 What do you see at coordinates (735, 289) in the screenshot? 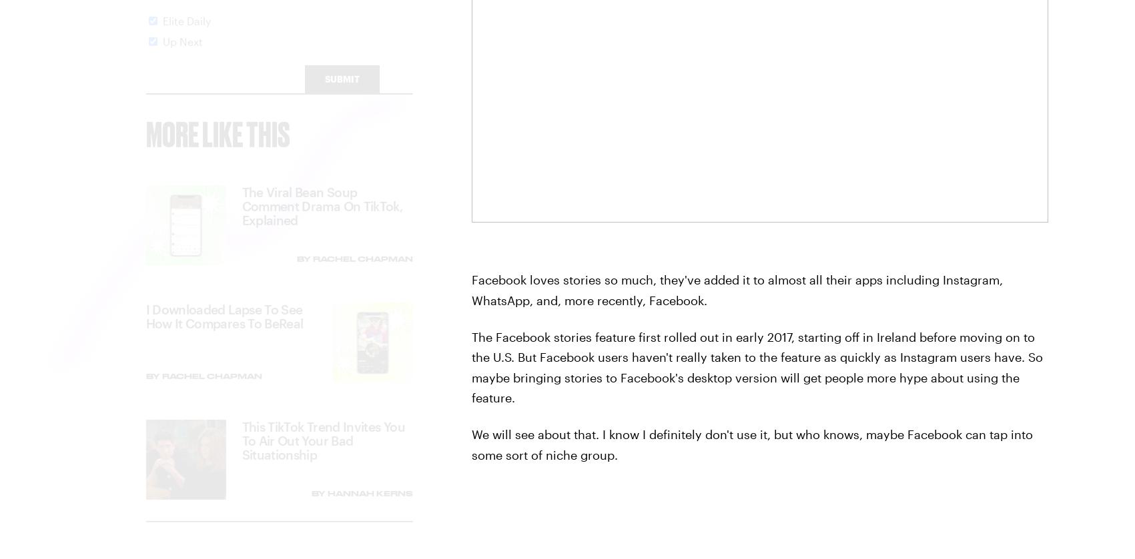
I see `'Facebook loves stories so much, they've added it to almost all their apps including Instagram, WhatsApp, and, more recently, Facebook.'` at bounding box center [735, 289].